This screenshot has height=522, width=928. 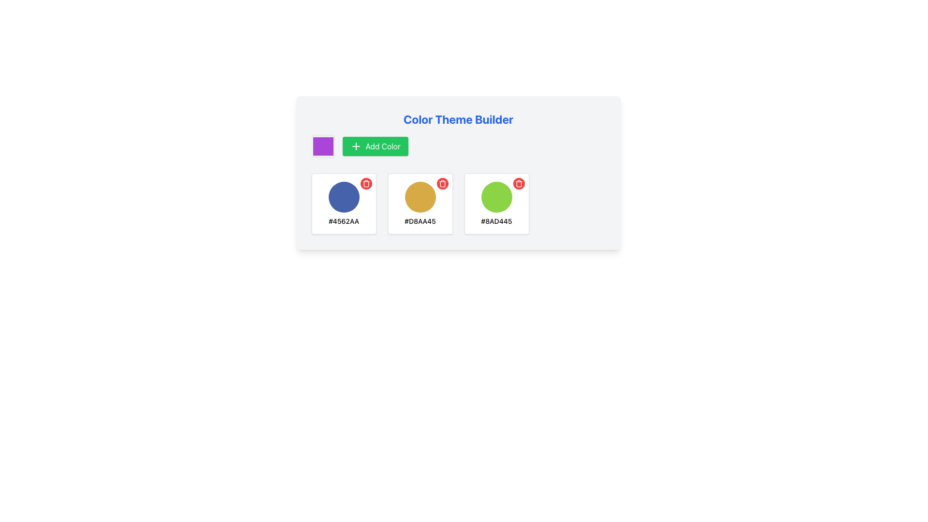 What do you see at coordinates (442, 184) in the screenshot?
I see `the delete button located in the top-right corner of the color card displaying the hexadecimal code '#D8AA45'` at bounding box center [442, 184].